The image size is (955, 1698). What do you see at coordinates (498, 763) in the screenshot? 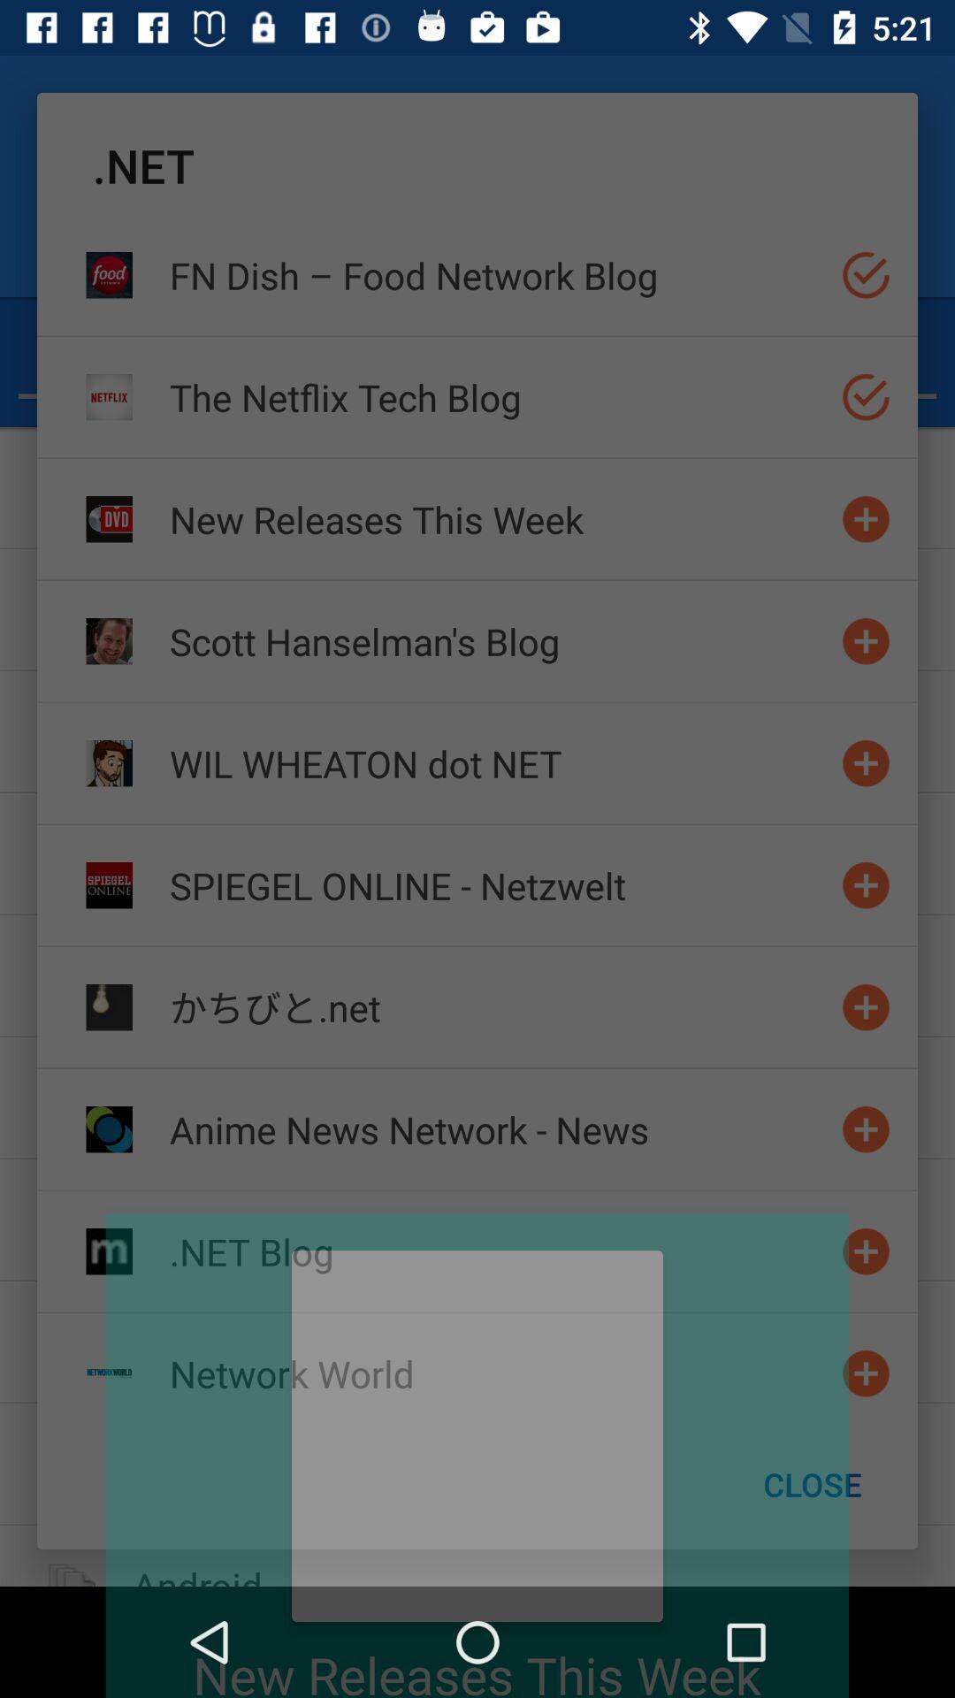
I see `item below the scott hanselman s` at bounding box center [498, 763].